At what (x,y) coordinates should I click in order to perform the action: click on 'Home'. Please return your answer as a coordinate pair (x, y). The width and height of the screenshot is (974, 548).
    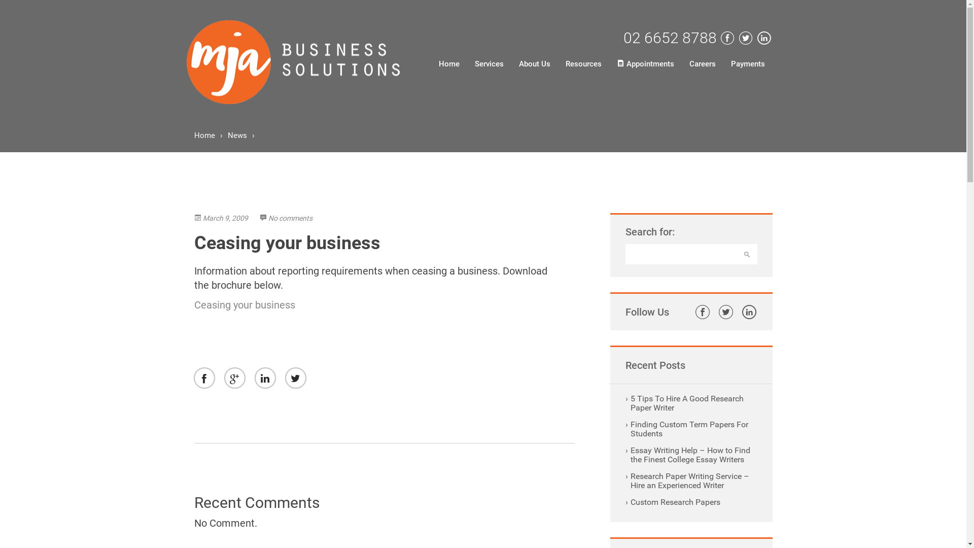
    Looking at the image, I should click on (448, 64).